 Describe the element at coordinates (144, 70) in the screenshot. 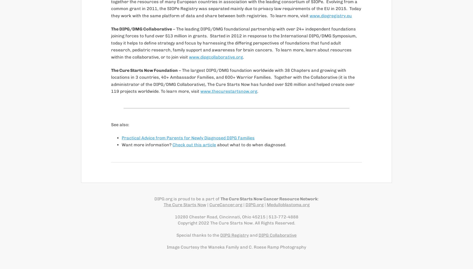

I see `'The Cure Starts Now Foundation'` at that location.